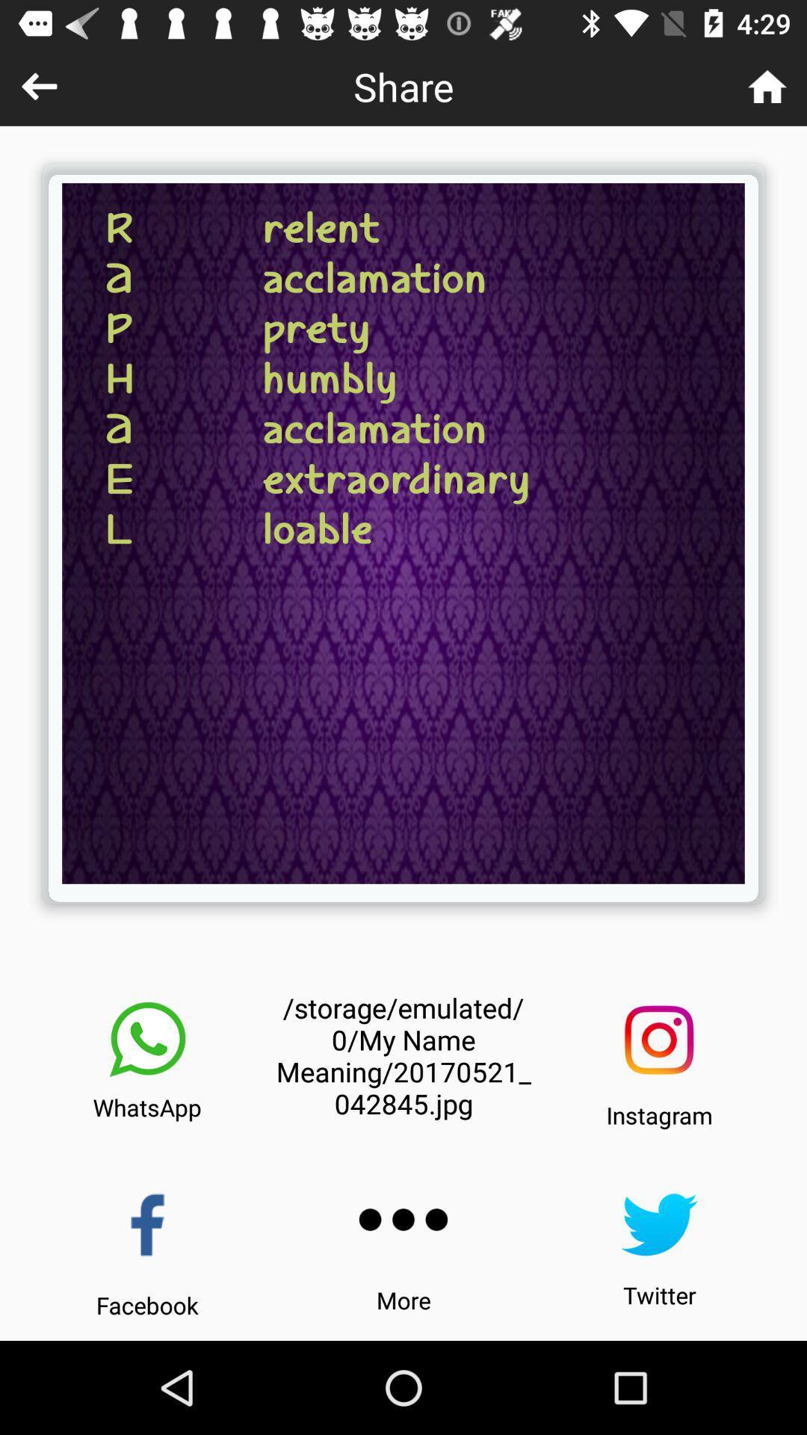  I want to click on go home, so click(767, 85).